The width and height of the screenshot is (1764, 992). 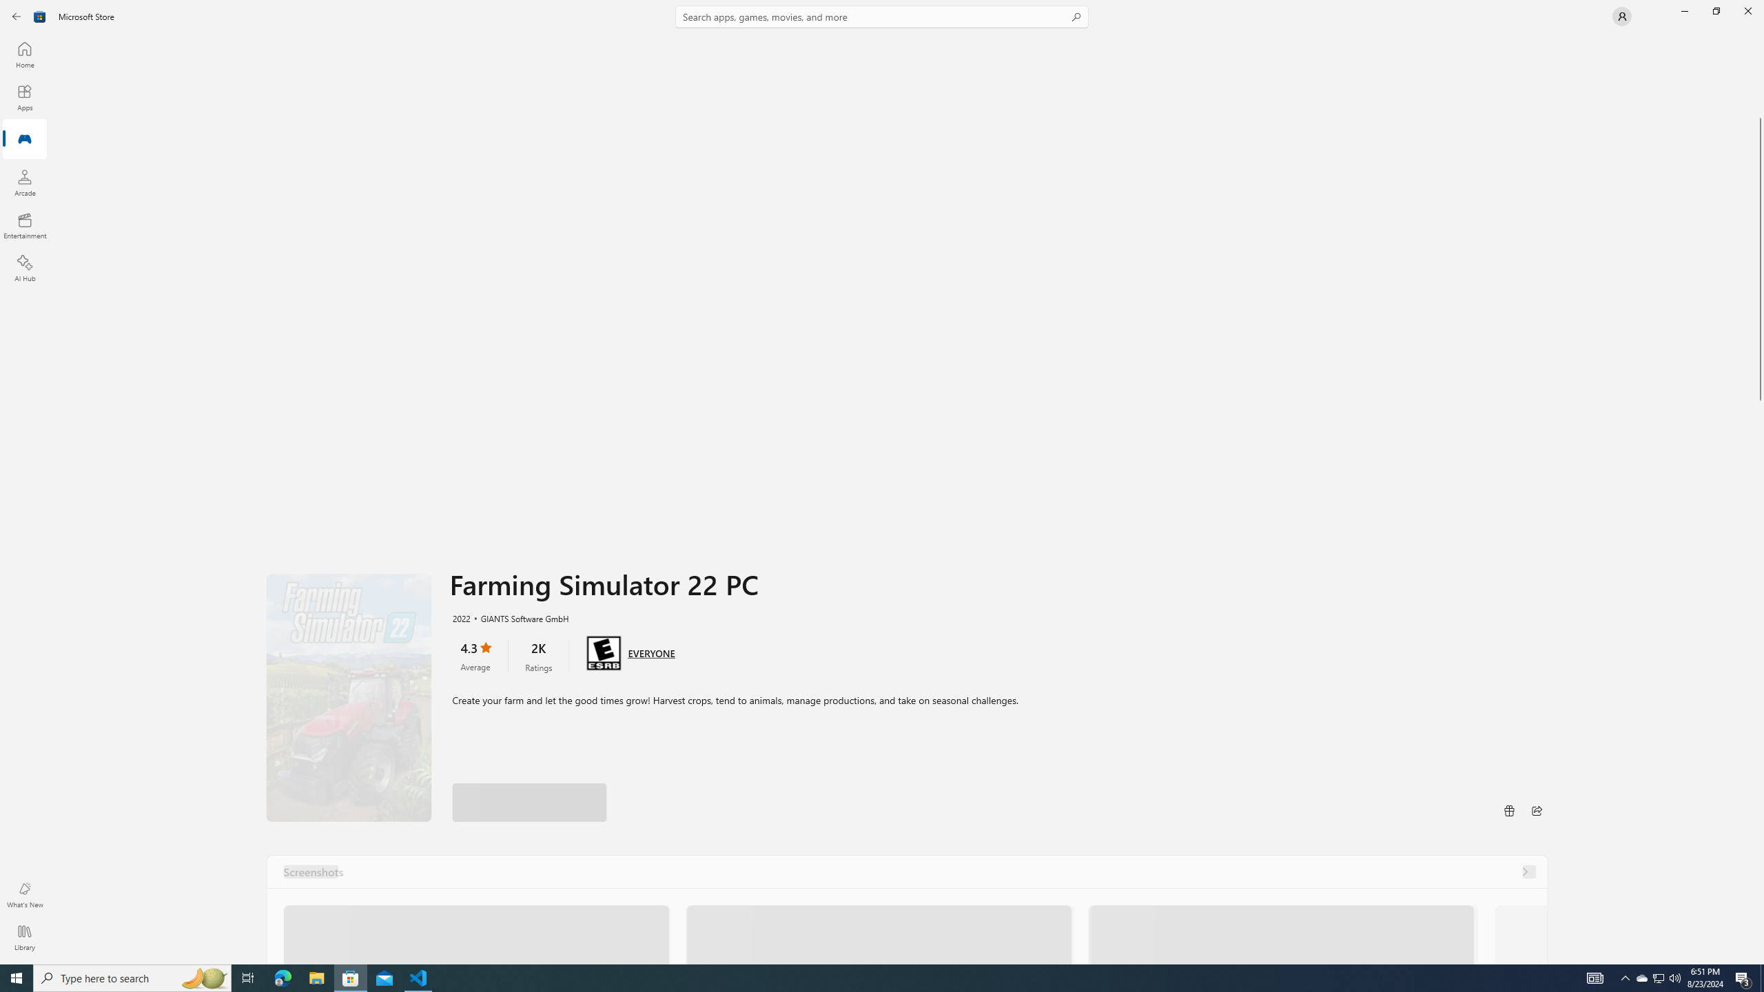 I want to click on '2022', so click(x=460, y=617).